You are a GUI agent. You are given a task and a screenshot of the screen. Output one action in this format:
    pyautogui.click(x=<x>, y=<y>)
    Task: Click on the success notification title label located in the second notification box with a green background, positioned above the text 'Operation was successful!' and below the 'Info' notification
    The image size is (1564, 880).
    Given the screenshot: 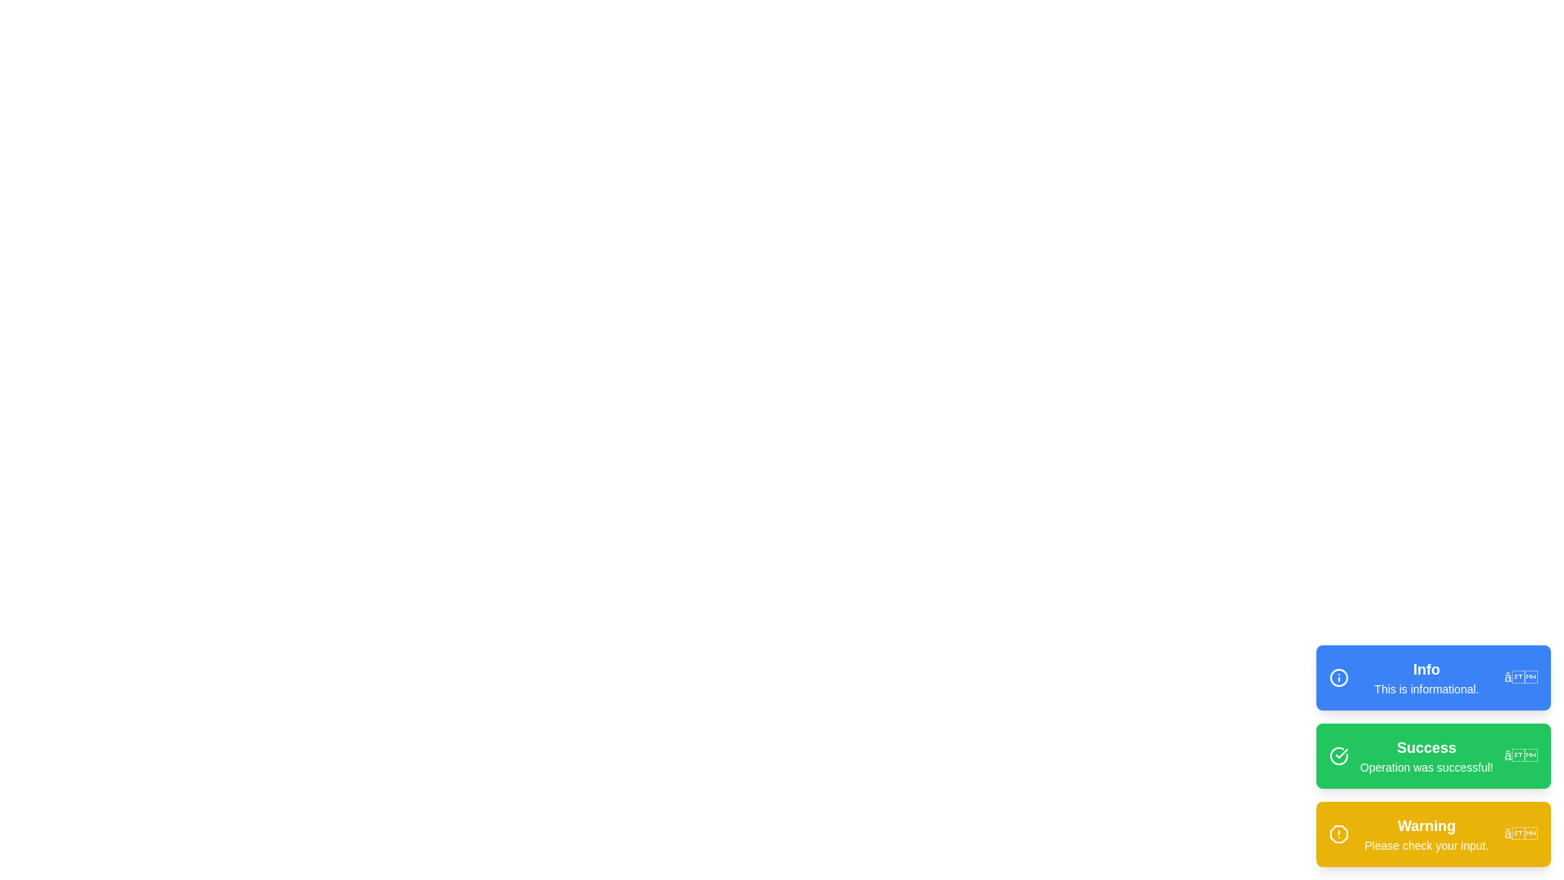 What is the action you would take?
    pyautogui.click(x=1426, y=748)
    